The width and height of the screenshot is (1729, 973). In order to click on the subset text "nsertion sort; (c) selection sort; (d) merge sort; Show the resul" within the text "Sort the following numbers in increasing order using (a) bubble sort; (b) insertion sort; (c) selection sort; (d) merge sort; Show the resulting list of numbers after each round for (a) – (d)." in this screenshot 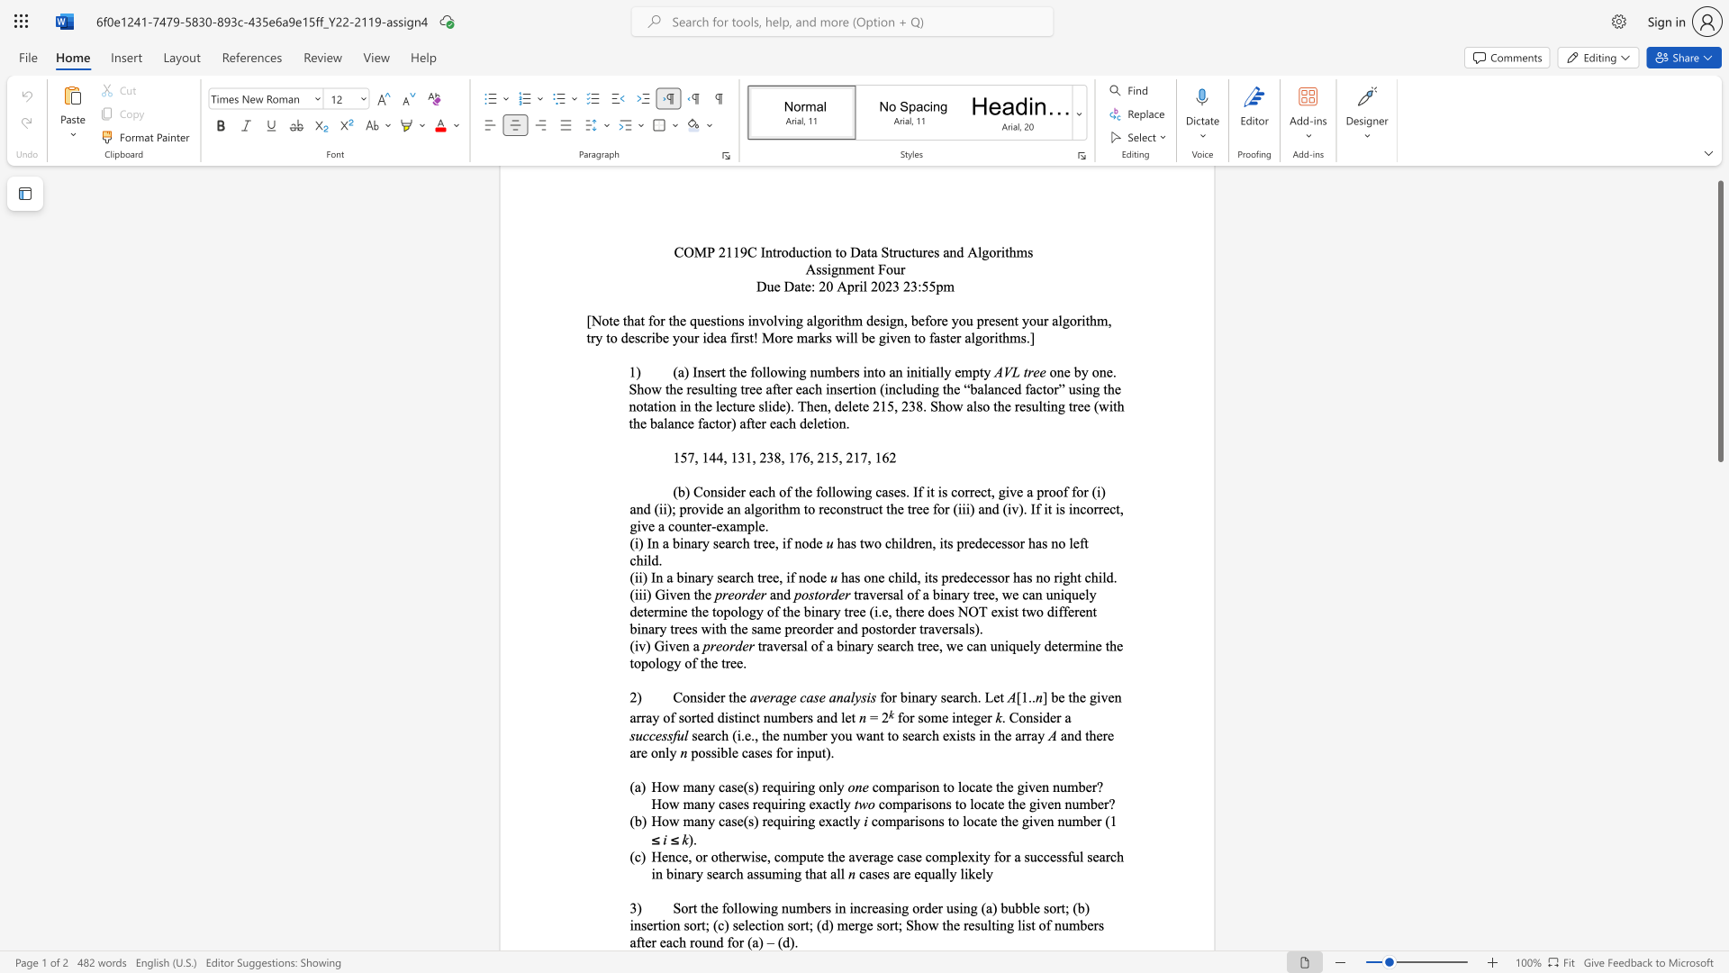, I will do `click(633, 925)`.